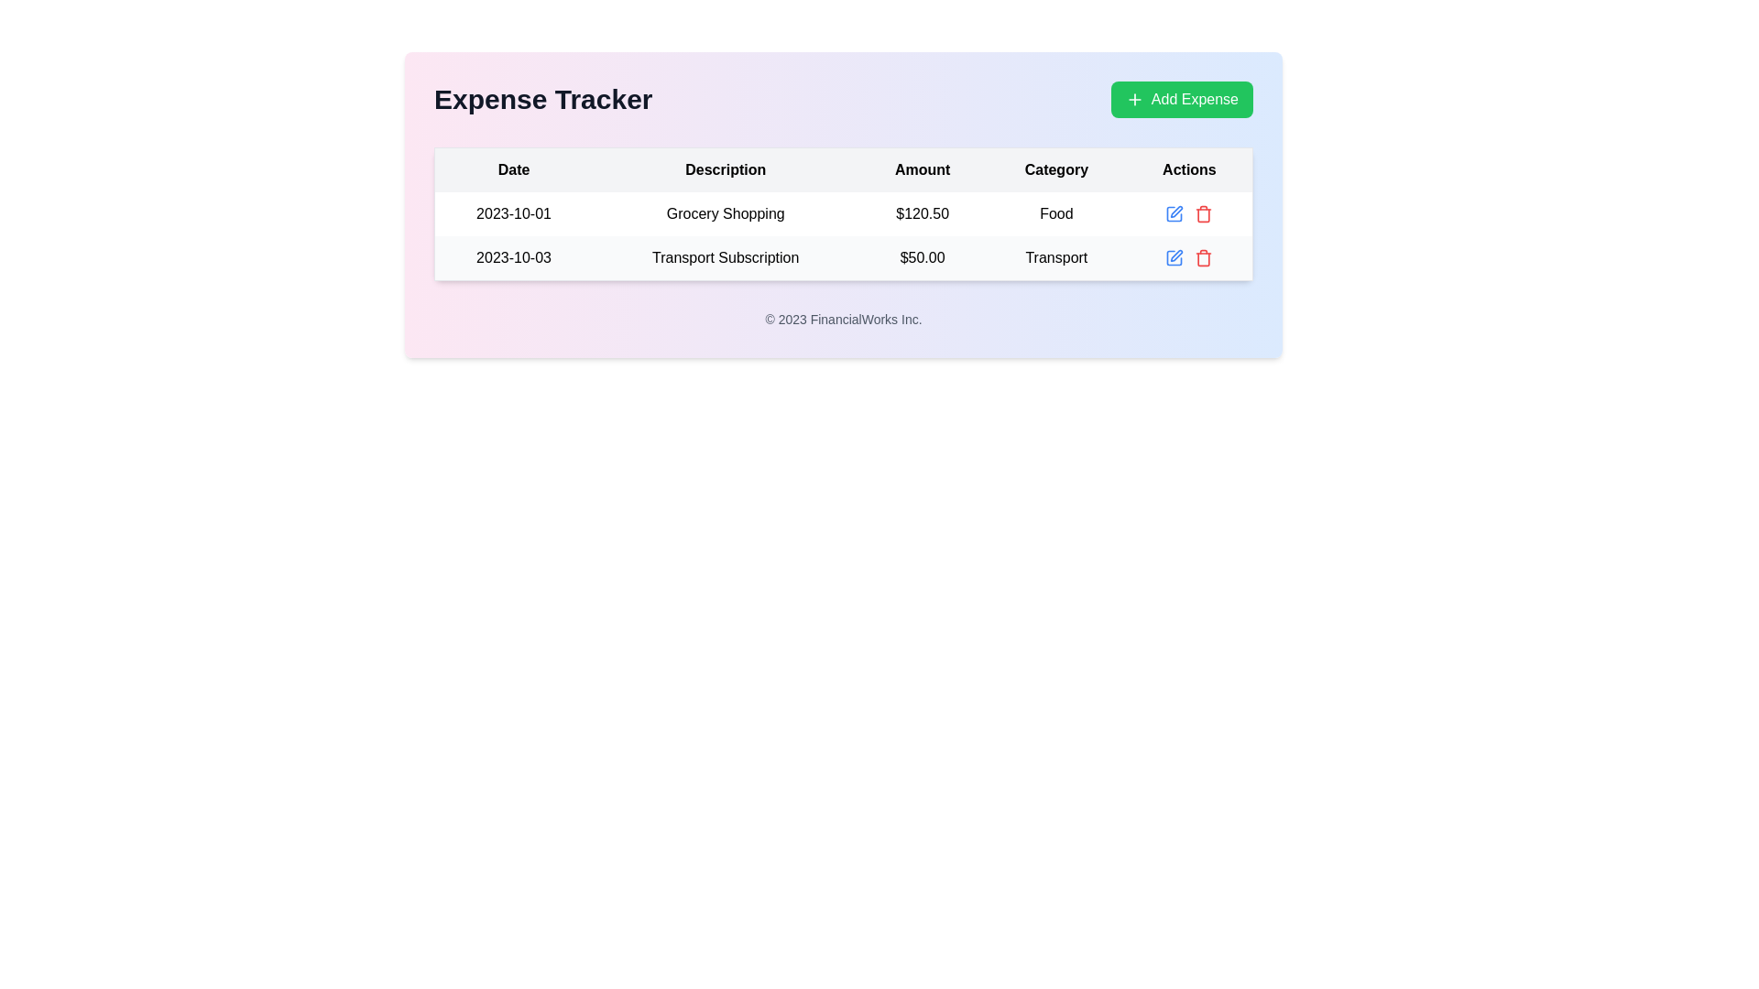  What do you see at coordinates (725, 169) in the screenshot?
I see `the 'Description' column header label in the table, which is positioned between the 'Date' column and the 'Amount' column at the top center of the table layout` at bounding box center [725, 169].